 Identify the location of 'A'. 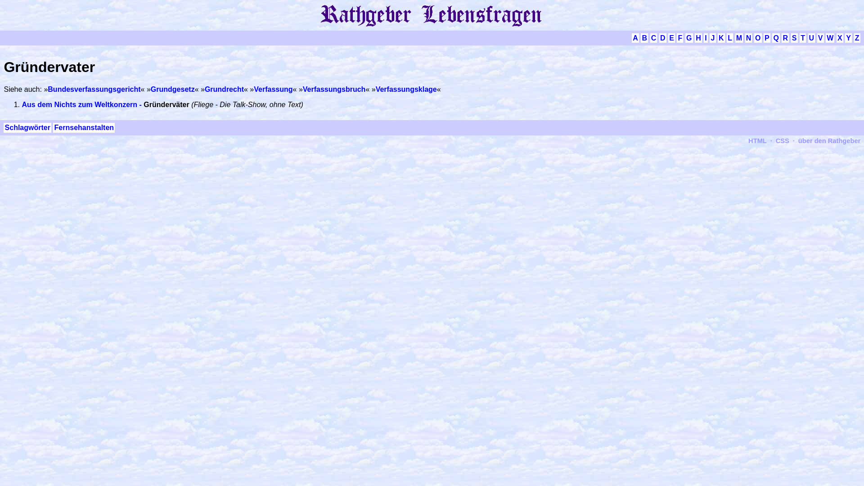
(631, 37).